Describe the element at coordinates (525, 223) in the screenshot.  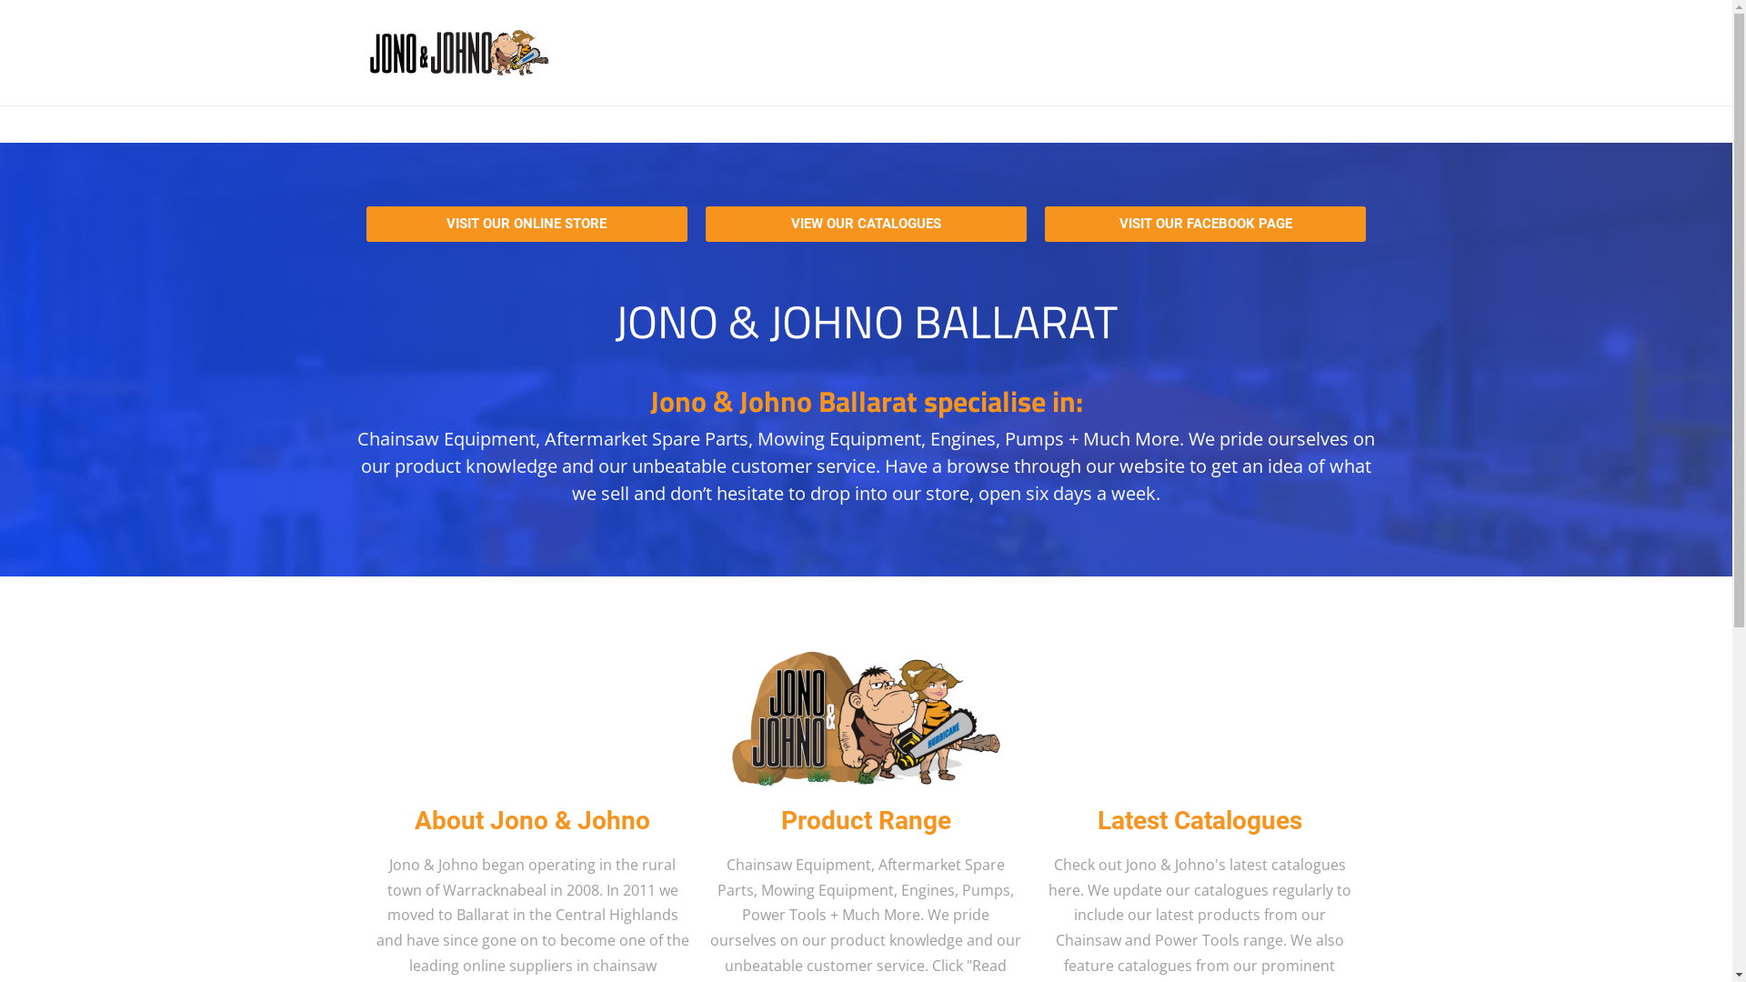
I see `'VISIT OUR ONLINE STORE'` at that location.